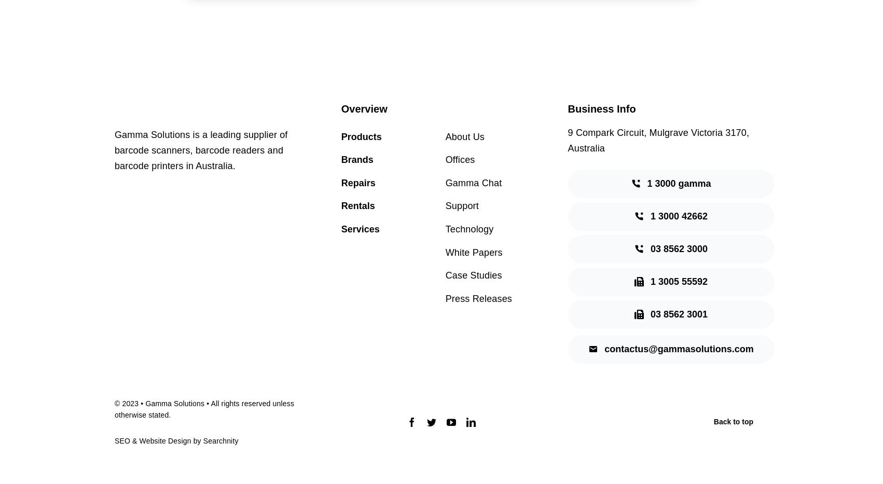 The image size is (883, 484). Describe the element at coordinates (473, 252) in the screenshot. I see `'White Papers'` at that location.